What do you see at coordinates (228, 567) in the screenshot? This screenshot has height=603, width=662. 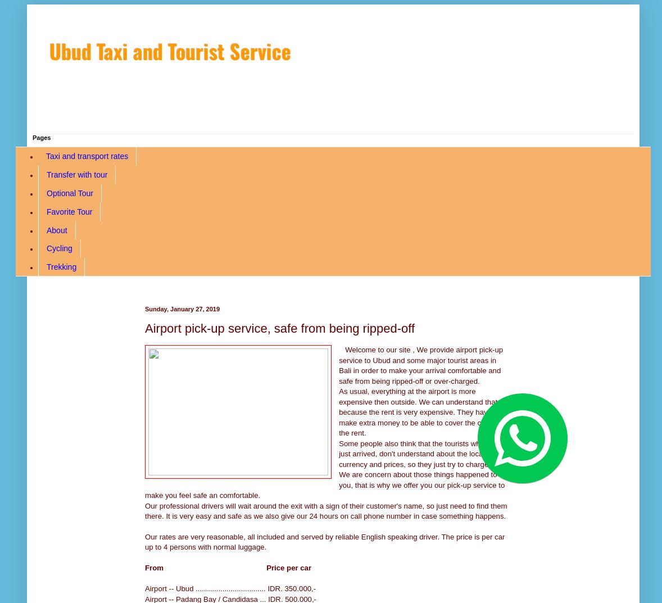 I see `'From                                                  Price per car'` at bounding box center [228, 567].